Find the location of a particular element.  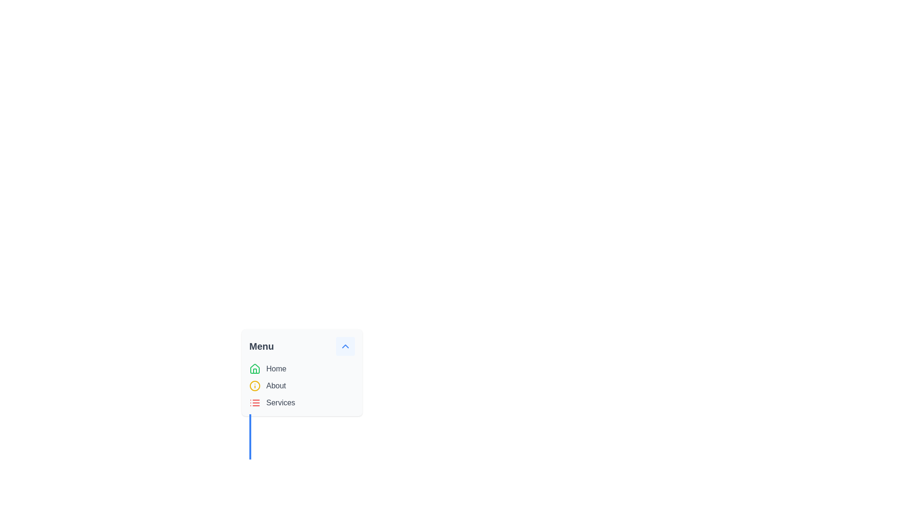

the 'Services' menu option label, which is the third item in a vertical list of menu items, located below the 'About' option and aligned to the right of an icon is located at coordinates (280, 403).